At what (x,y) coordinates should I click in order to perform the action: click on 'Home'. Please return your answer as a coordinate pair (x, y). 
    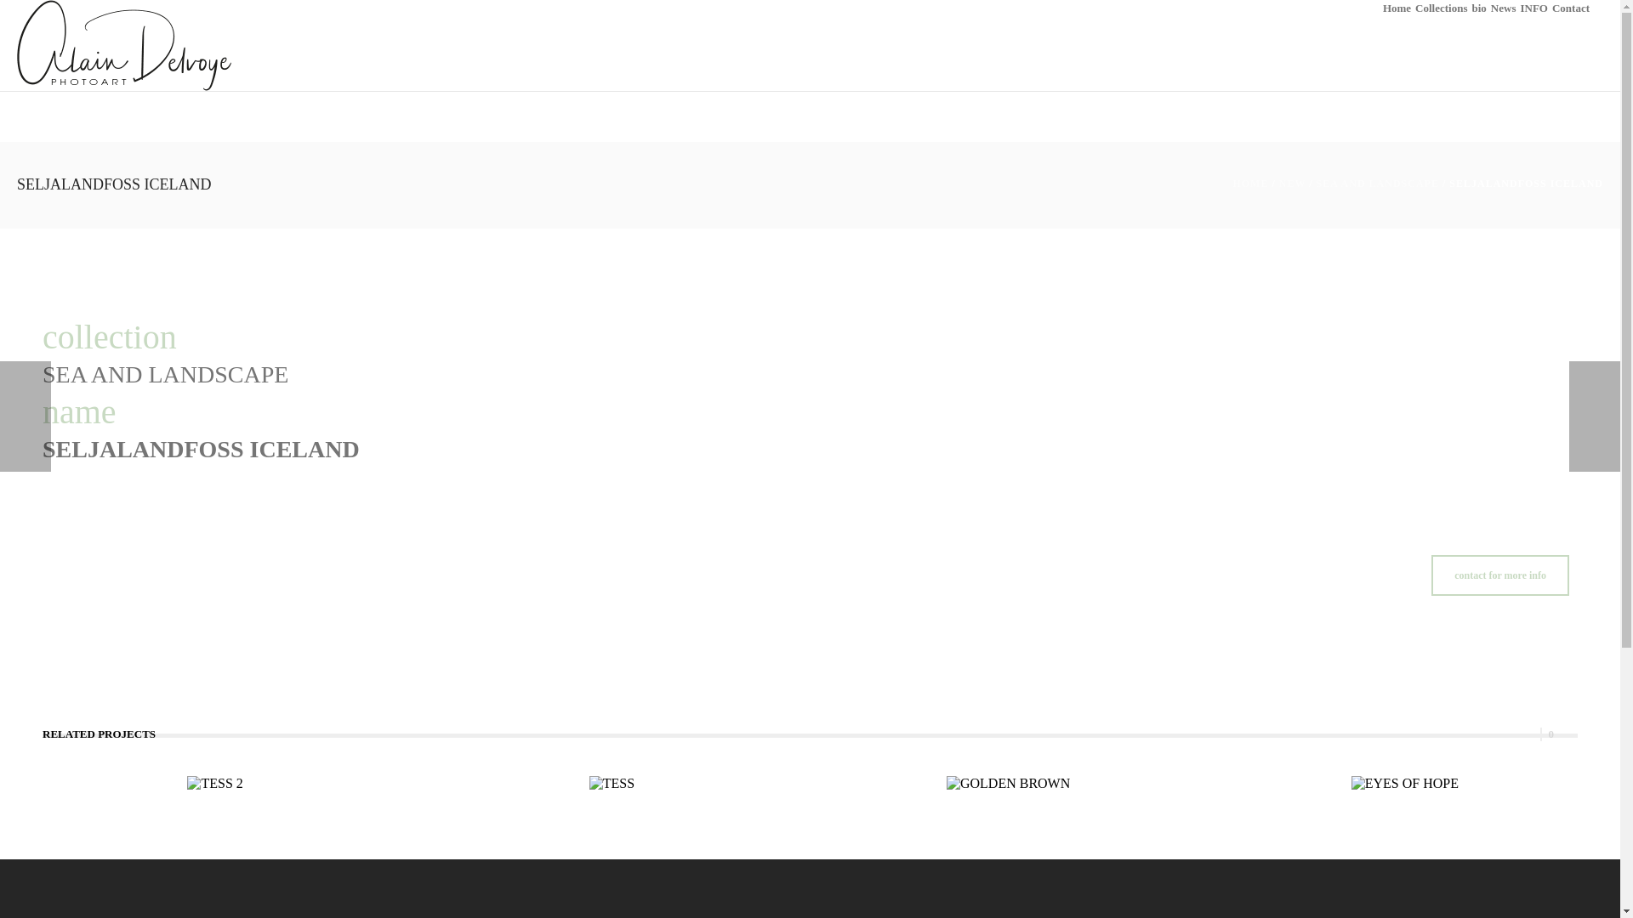
    Looking at the image, I should click on (1397, 8).